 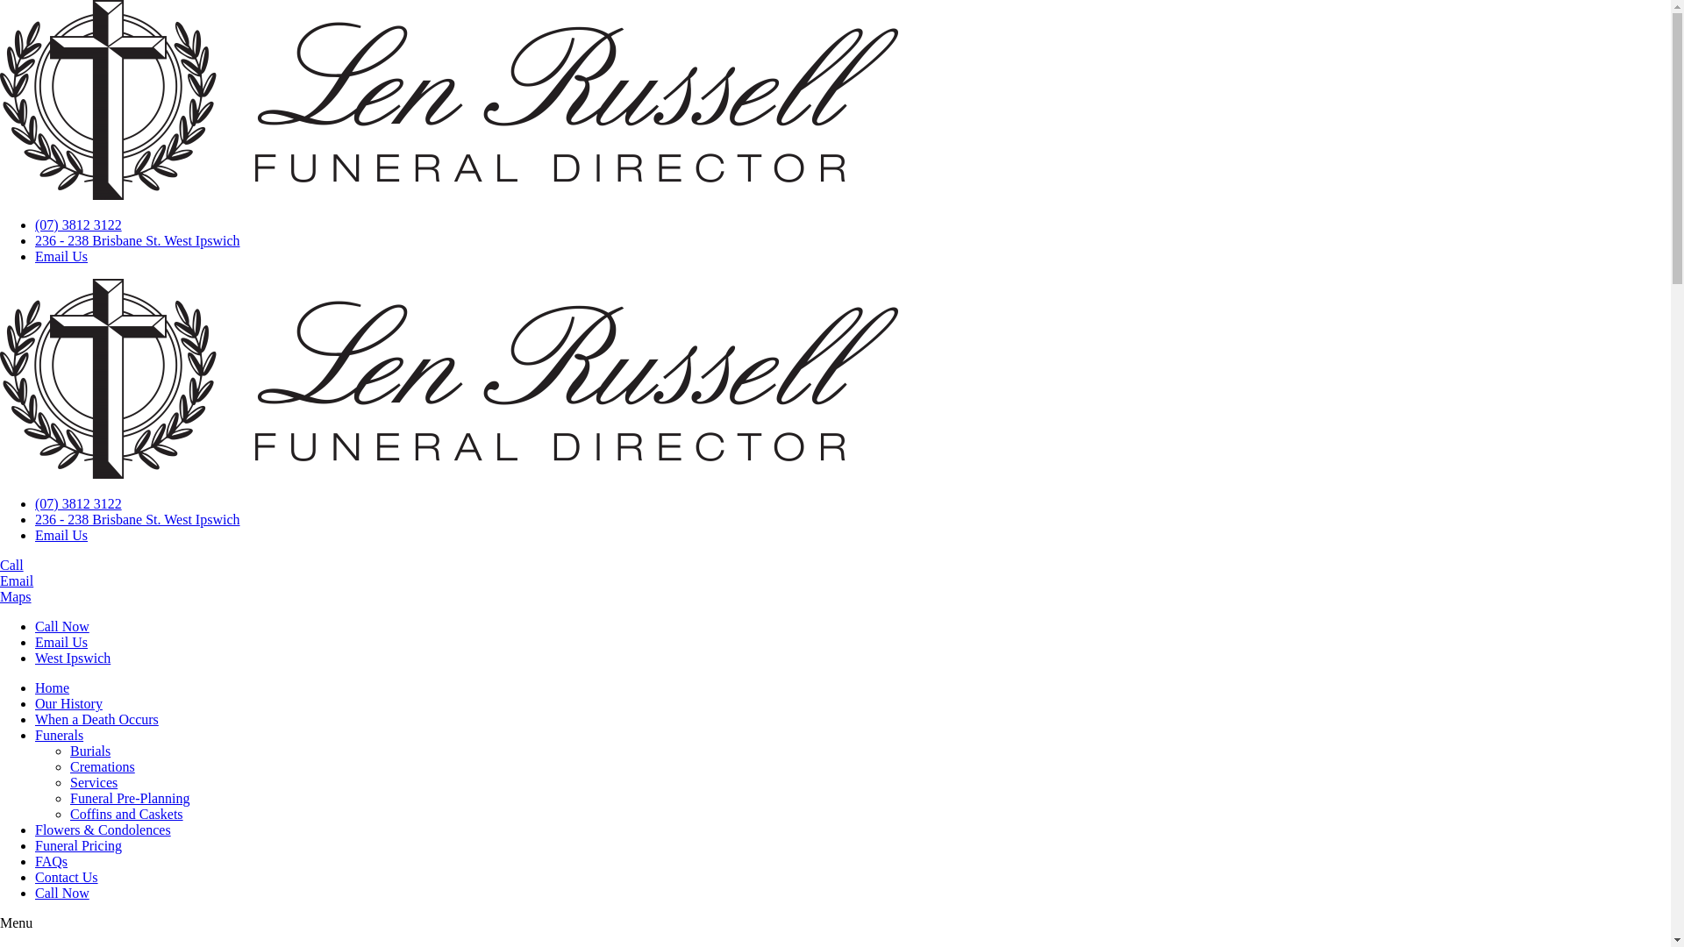 What do you see at coordinates (0, 595) in the screenshot?
I see `'Maps'` at bounding box center [0, 595].